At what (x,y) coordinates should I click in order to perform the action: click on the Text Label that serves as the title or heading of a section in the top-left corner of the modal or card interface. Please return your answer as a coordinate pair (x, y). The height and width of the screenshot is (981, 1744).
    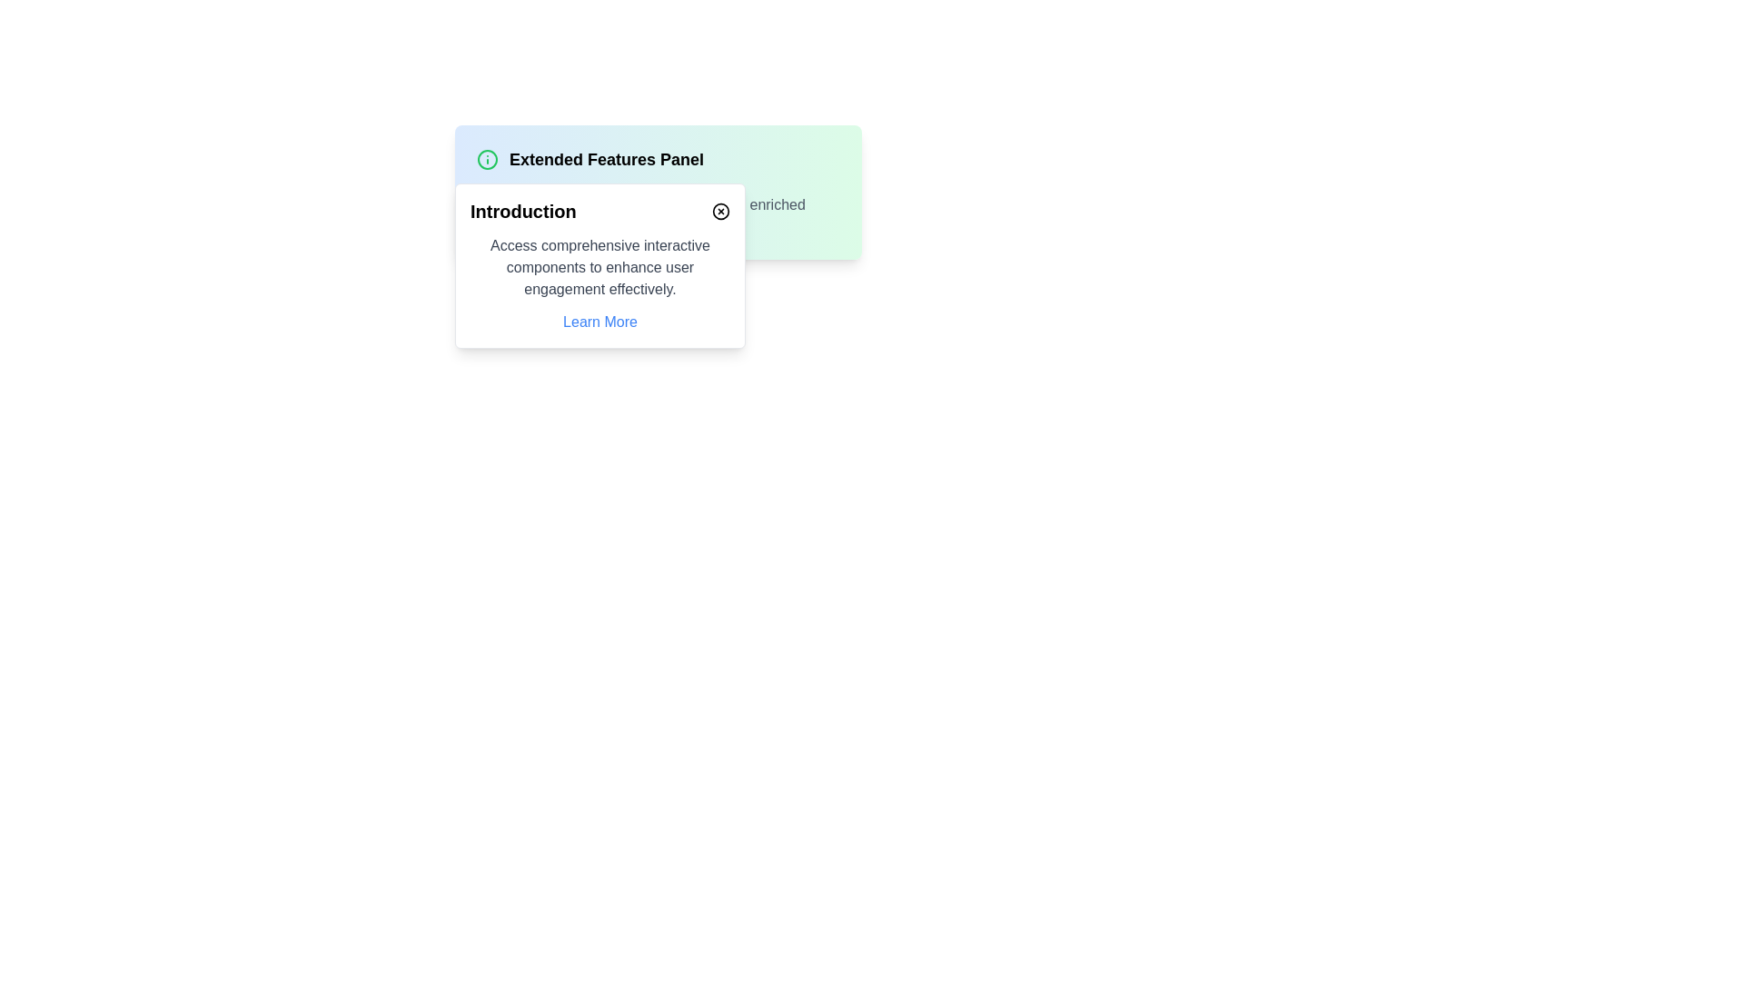
    Looking at the image, I should click on (522, 210).